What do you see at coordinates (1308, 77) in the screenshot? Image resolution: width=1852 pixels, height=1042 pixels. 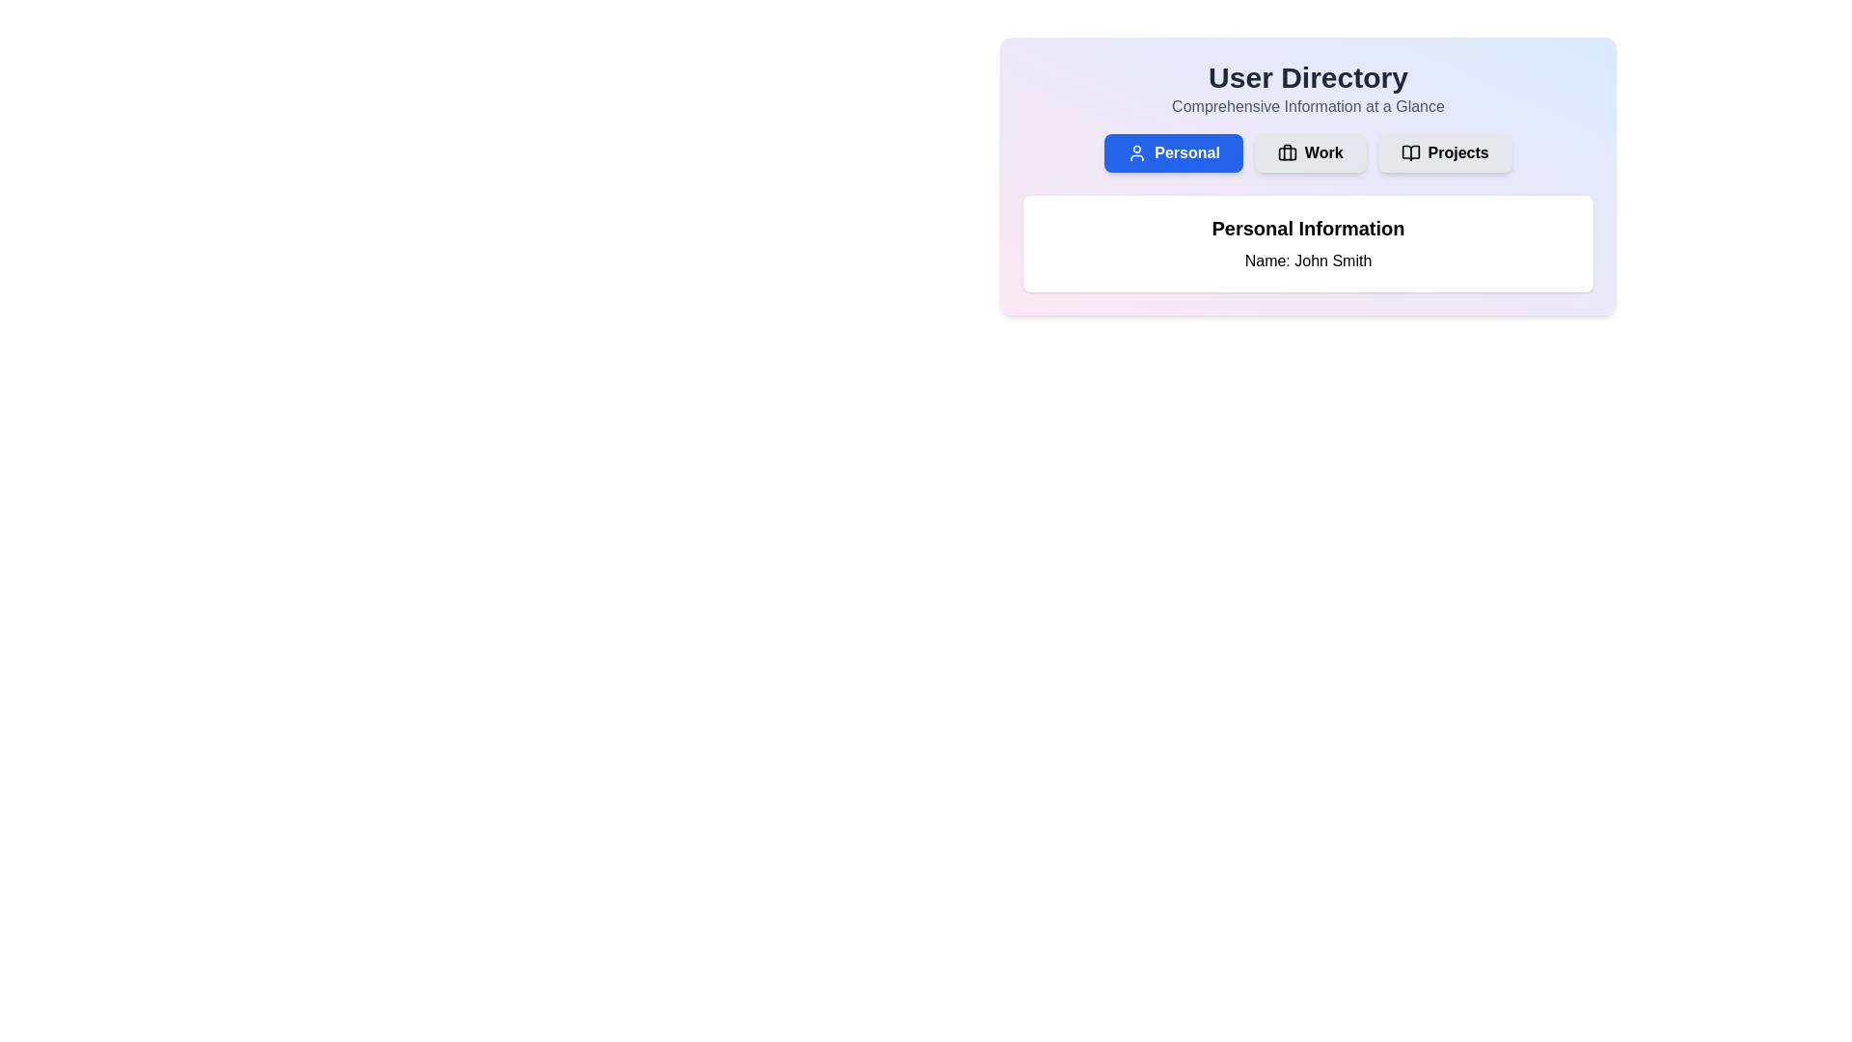 I see `the 'User Directory' text label that serves as the title or header for the section, positioned above the line 'Comprehensive Information at a Glance'` at bounding box center [1308, 77].